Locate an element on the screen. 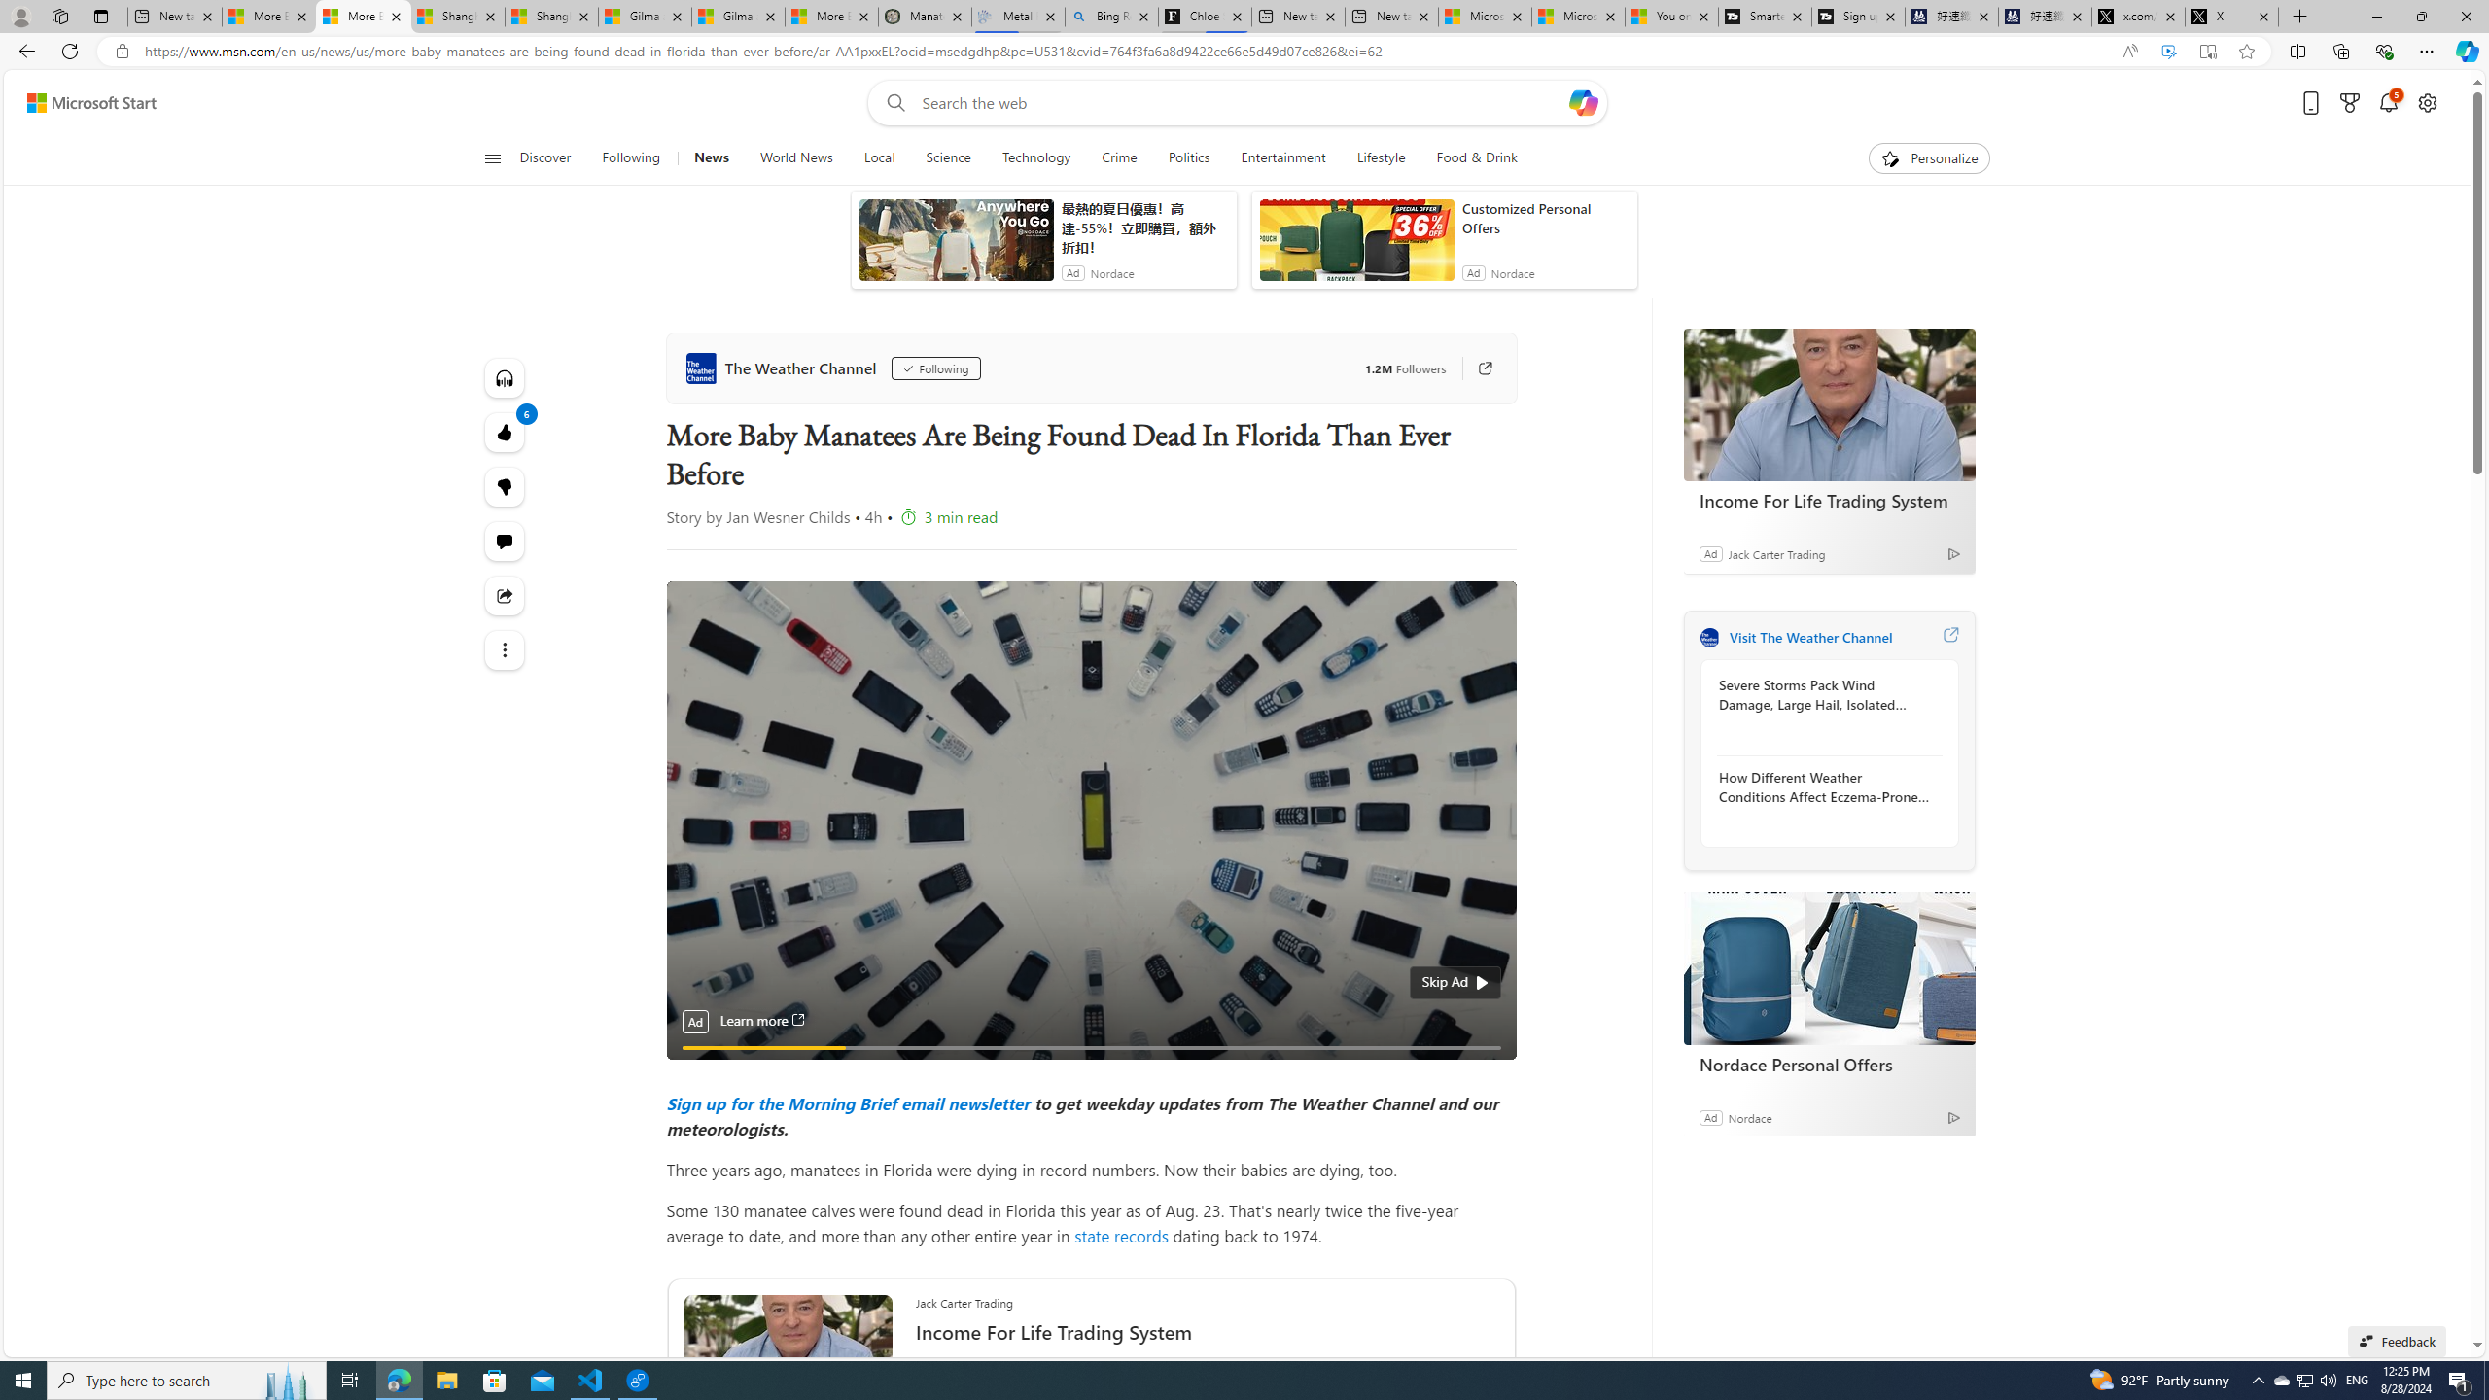 The image size is (2489, 1400). 'Visit The Weather Channel website' is located at coordinates (1949, 636).